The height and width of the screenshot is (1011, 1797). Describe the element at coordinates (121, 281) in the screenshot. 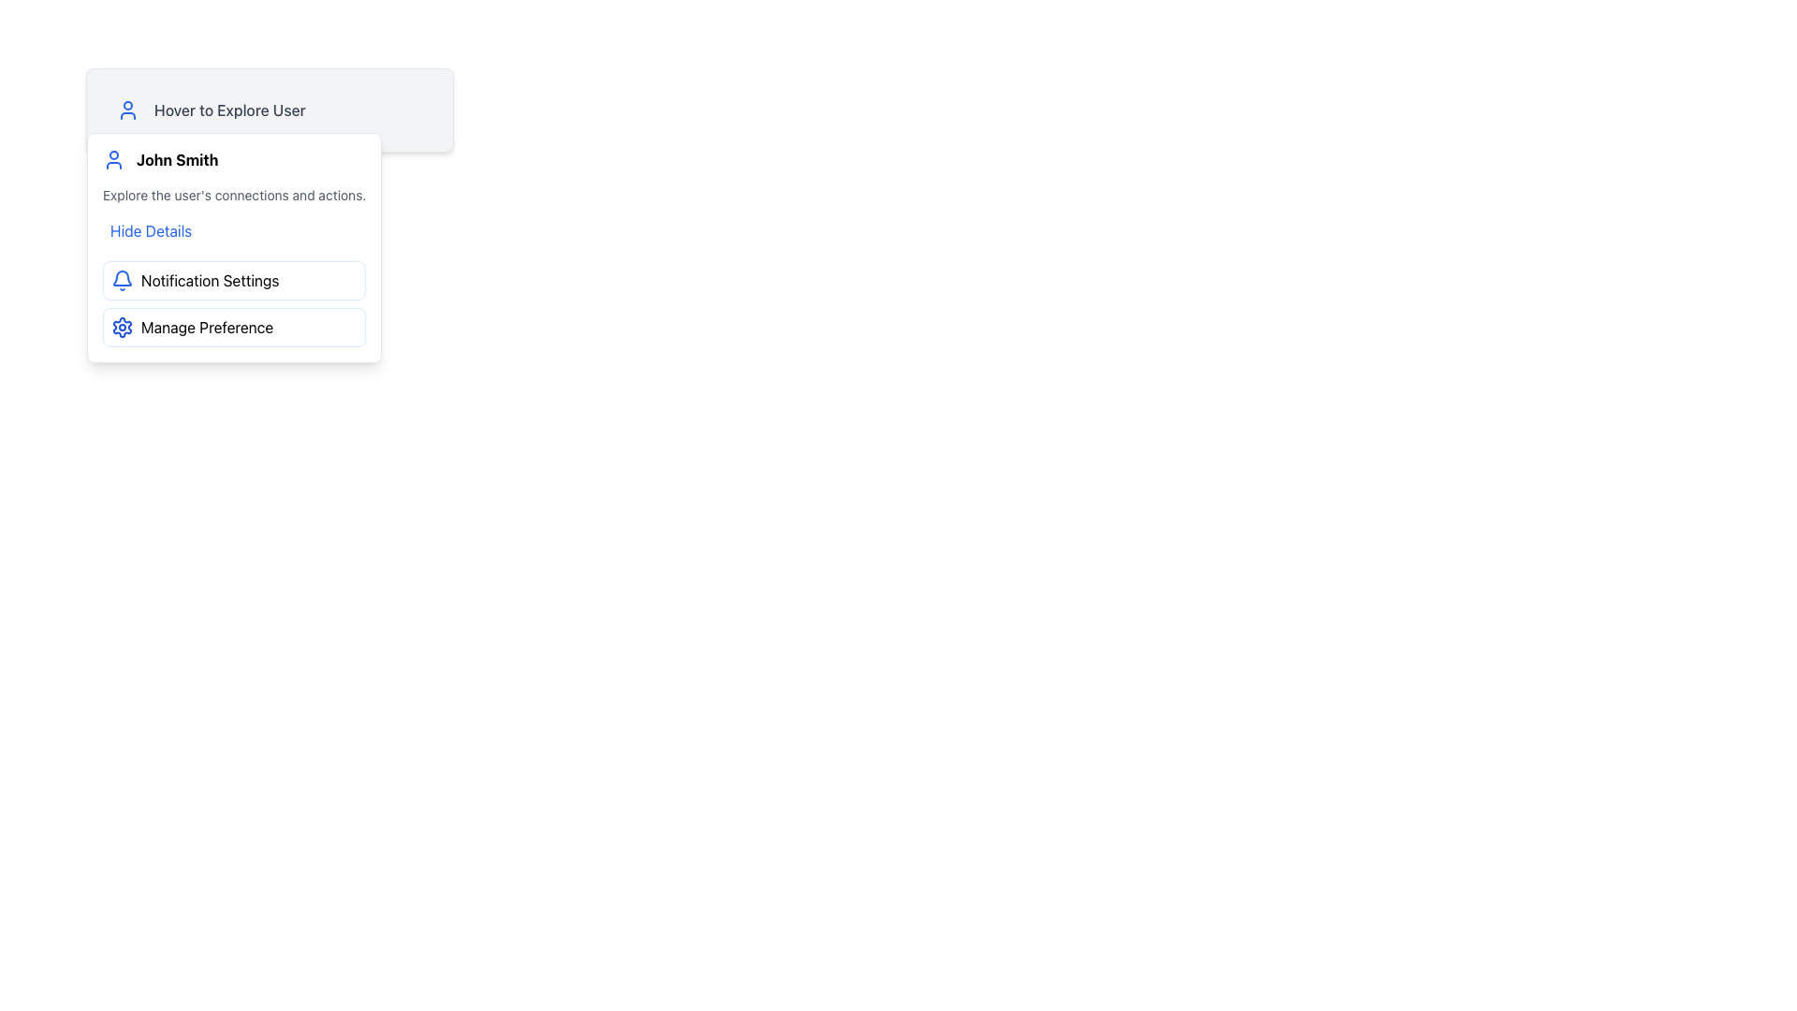

I see `the leftmost icon in the 'Notification Settings' section to interact with the notification settings feature` at that location.